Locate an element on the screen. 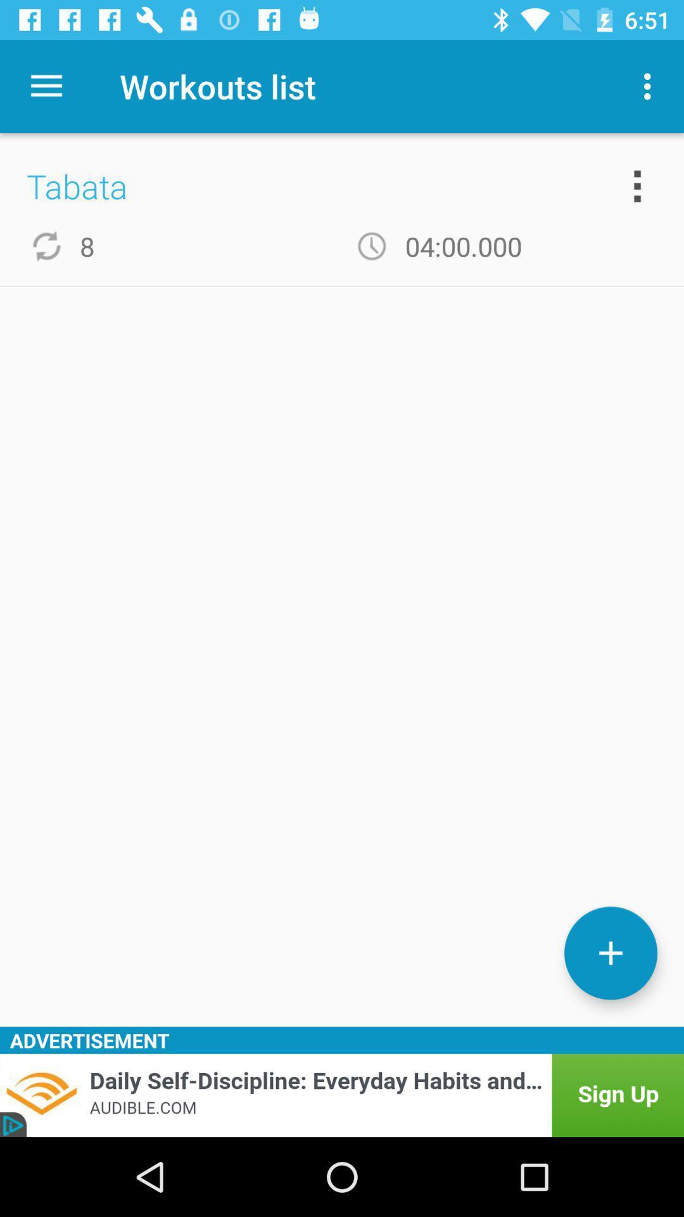  the add icon is located at coordinates (610, 953).